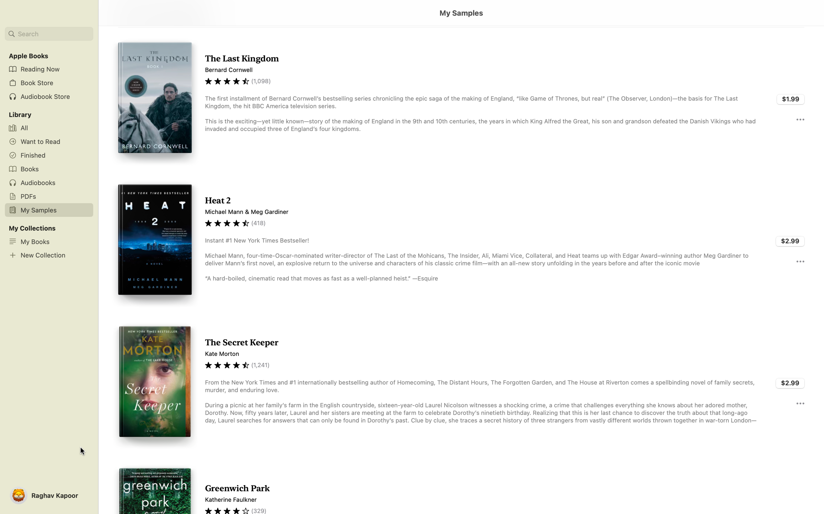  What do you see at coordinates (790, 382) in the screenshot?
I see `Buy the book "Secret Keeper` at bounding box center [790, 382].